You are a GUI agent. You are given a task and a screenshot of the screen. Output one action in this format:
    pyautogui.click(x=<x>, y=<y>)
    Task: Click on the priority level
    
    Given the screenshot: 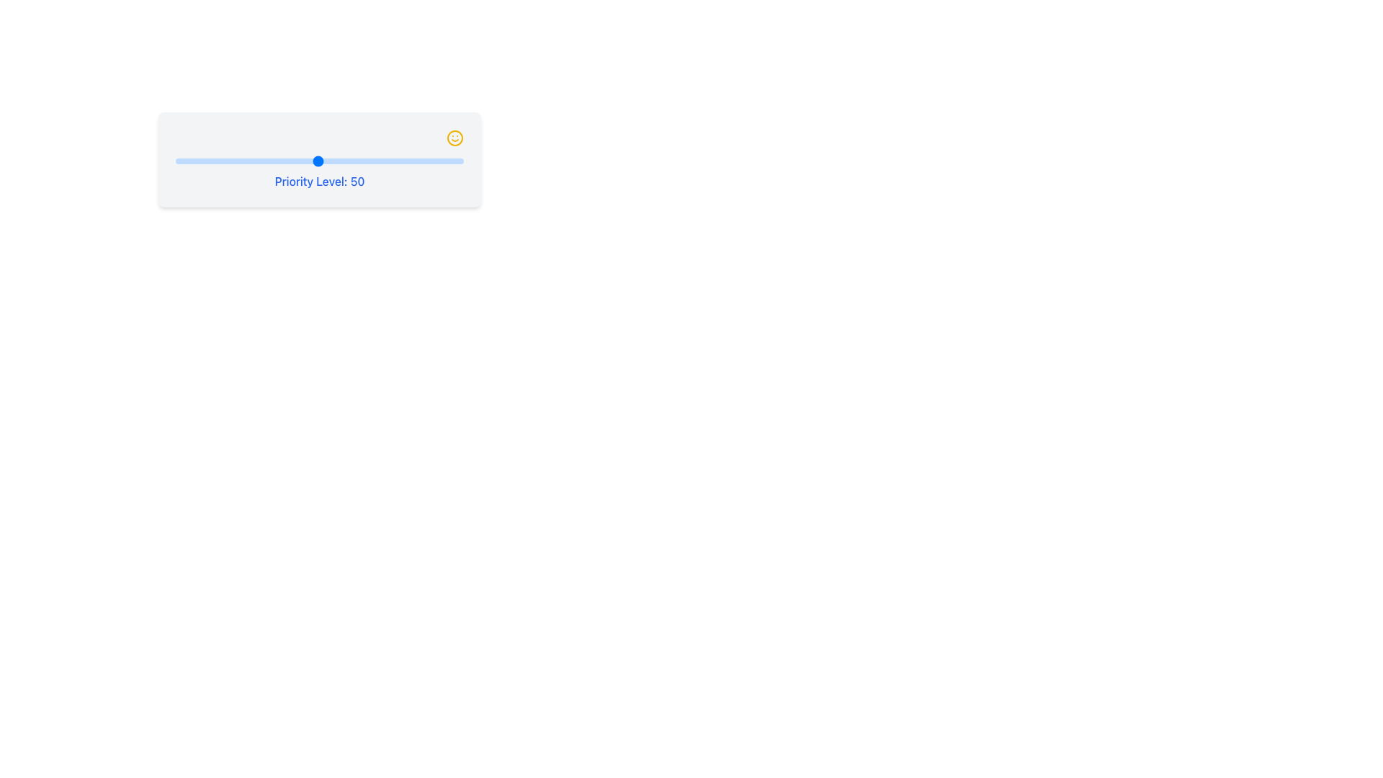 What is the action you would take?
    pyautogui.click(x=350, y=161)
    